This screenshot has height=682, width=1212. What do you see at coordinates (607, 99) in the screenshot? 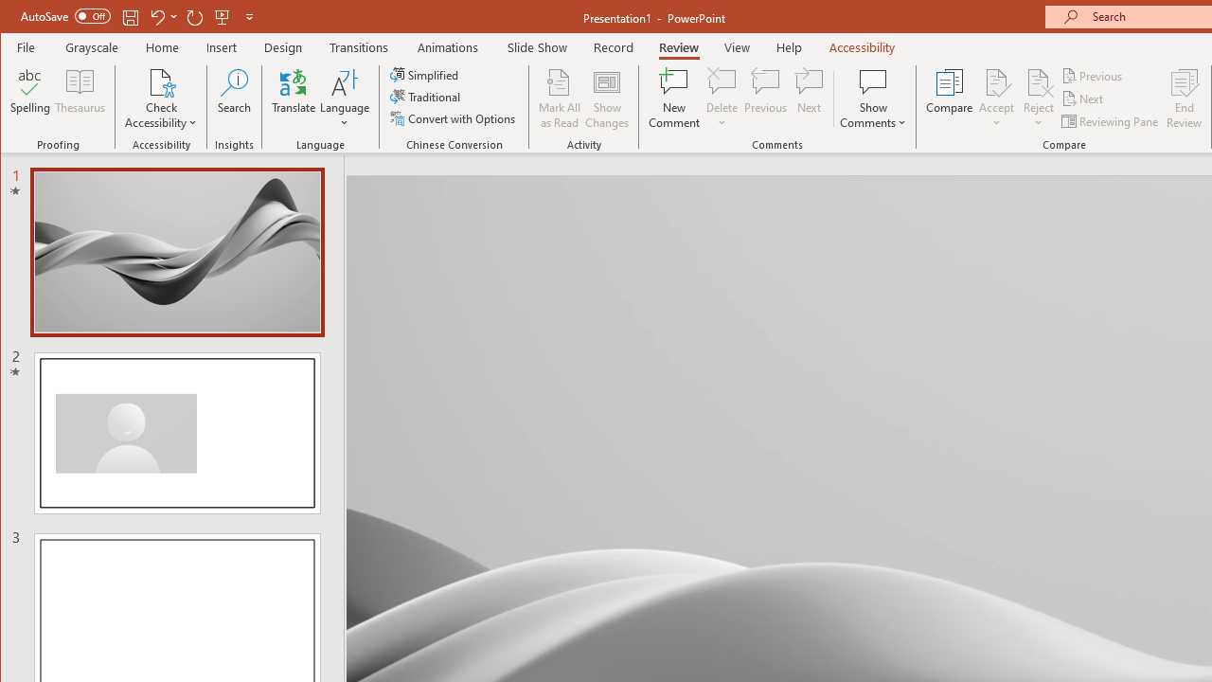
I see `'Show Changes'` at bounding box center [607, 99].